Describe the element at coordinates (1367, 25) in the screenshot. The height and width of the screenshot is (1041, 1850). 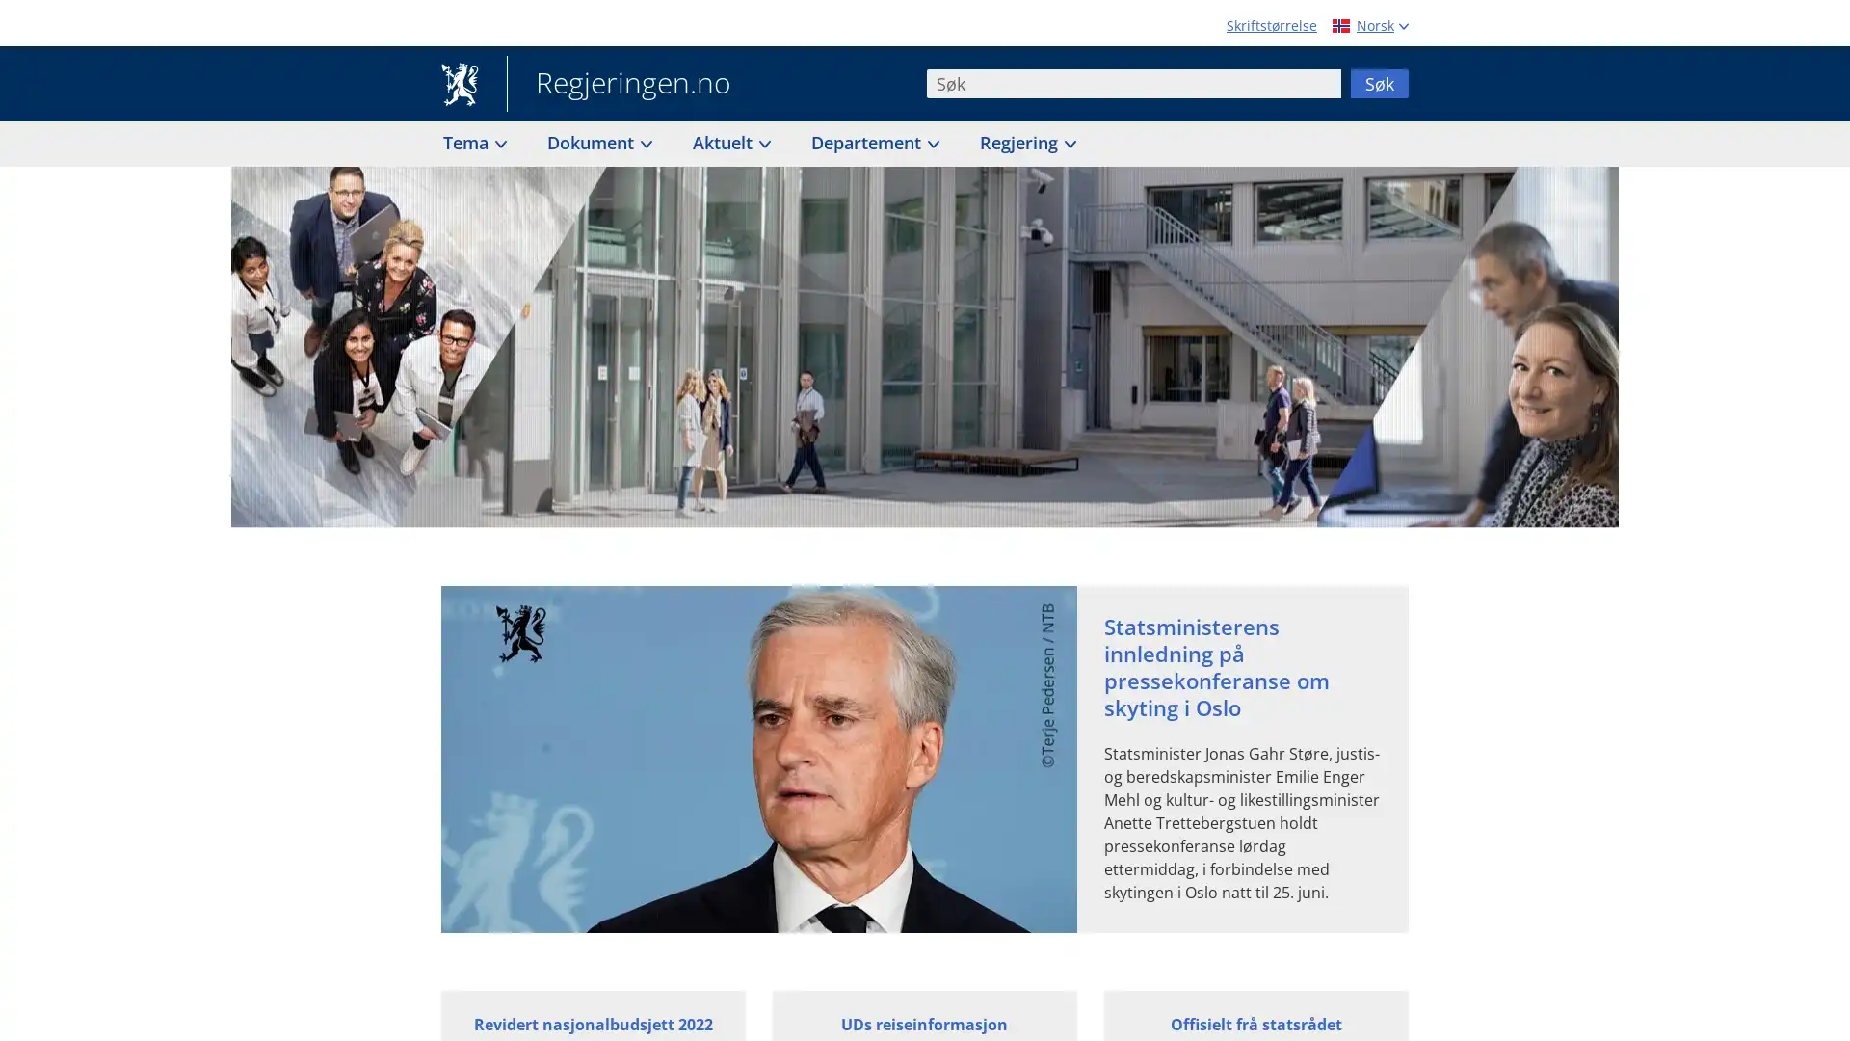
I see `Norsk` at that location.